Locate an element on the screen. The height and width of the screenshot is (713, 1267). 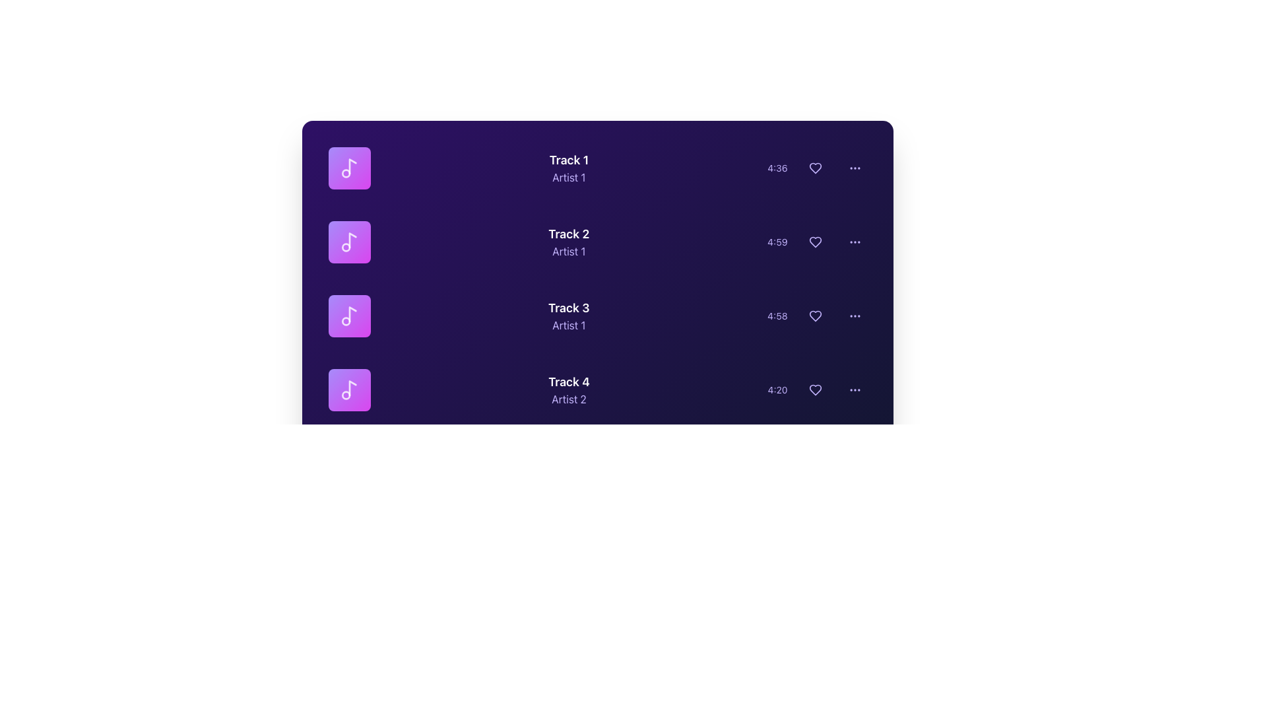
the heart icon button styled in violet shades, located in the bottom-most row of the list, adjacent to the time label '4:20' and the three-dot menu icon is located at coordinates (814, 389).